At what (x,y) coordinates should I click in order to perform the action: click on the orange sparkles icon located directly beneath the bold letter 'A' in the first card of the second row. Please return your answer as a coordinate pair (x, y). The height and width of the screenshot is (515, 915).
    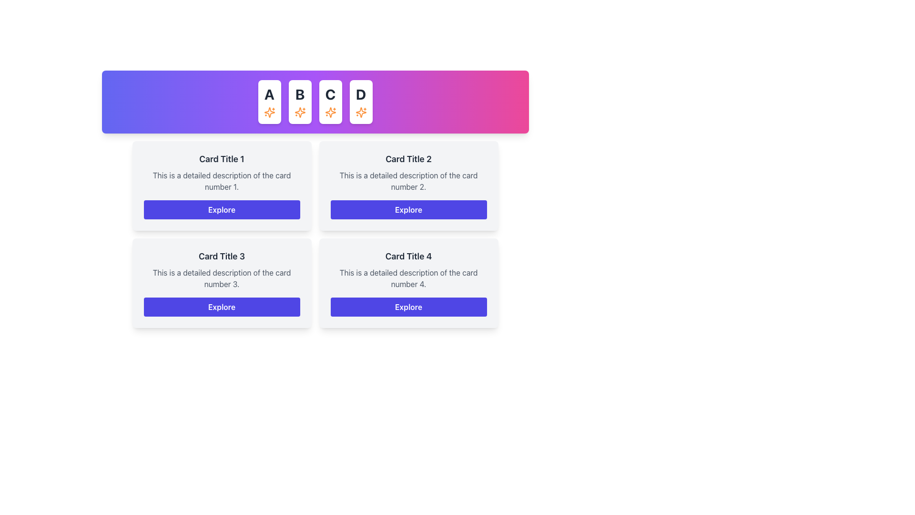
    Looking at the image, I should click on (269, 112).